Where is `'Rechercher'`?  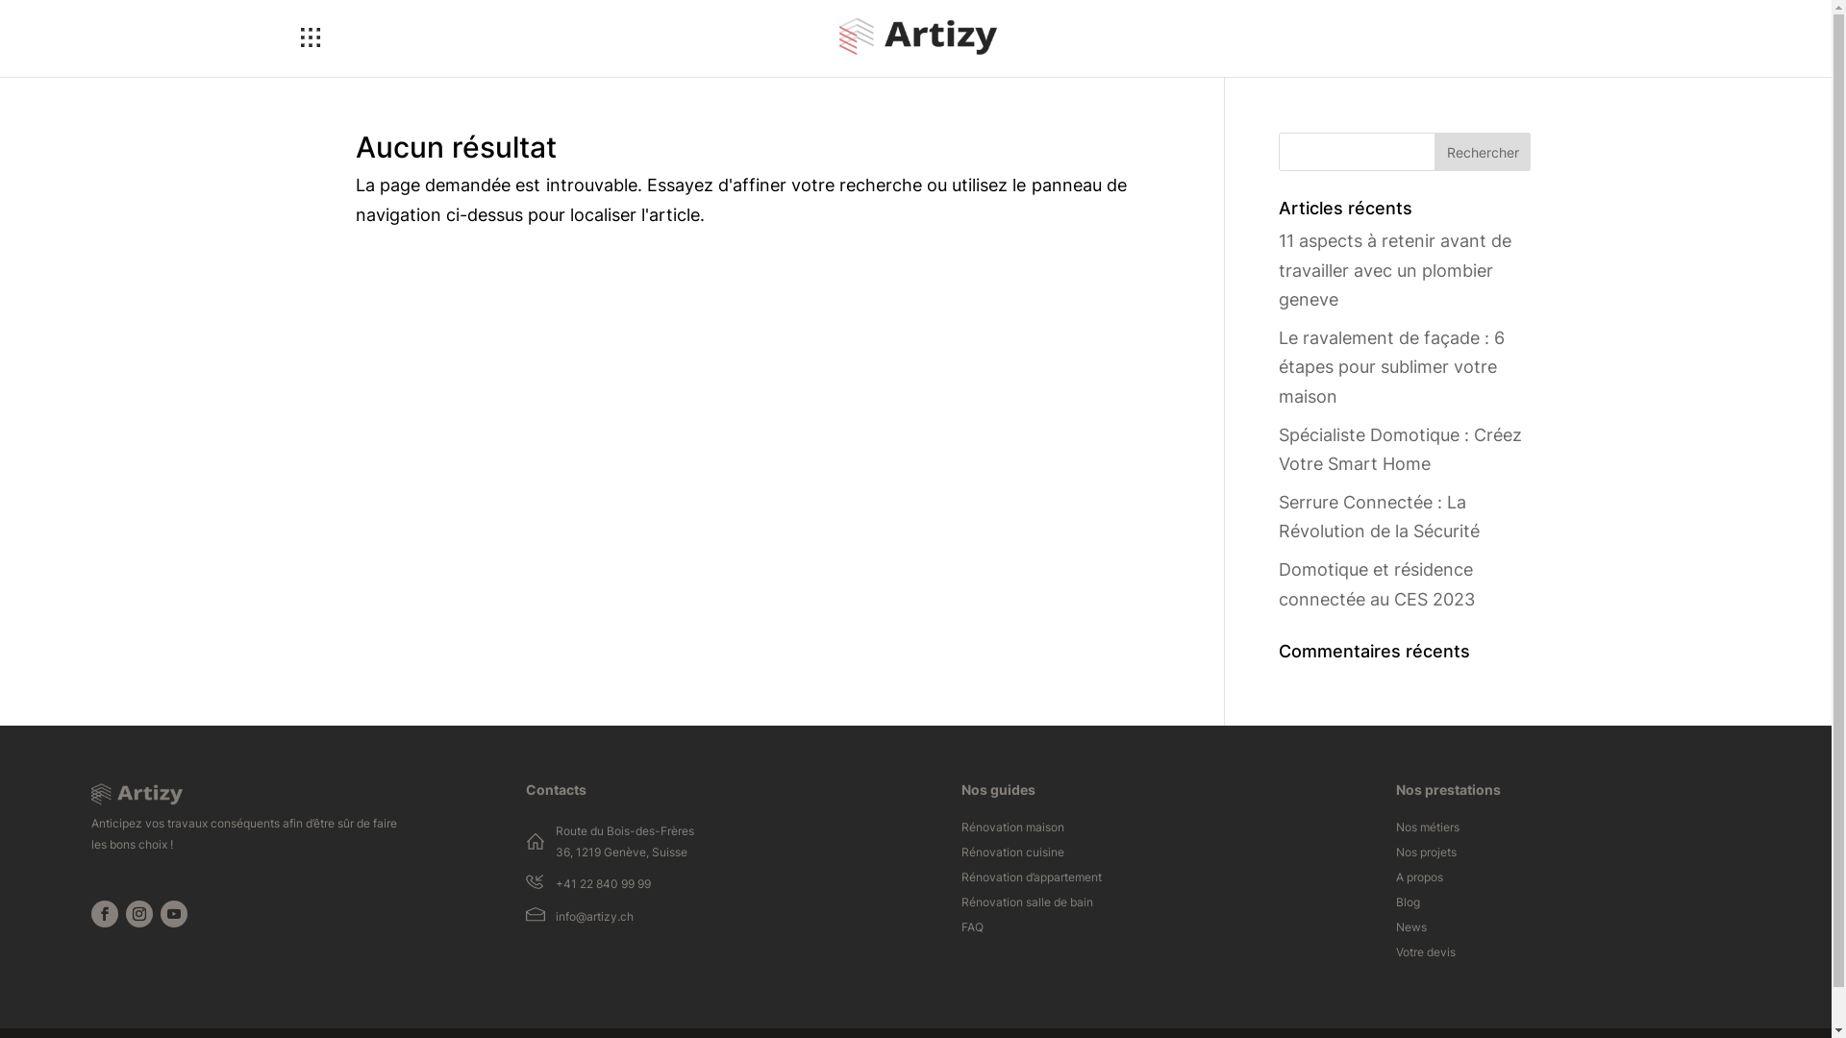
'Rechercher' is located at coordinates (1481, 151).